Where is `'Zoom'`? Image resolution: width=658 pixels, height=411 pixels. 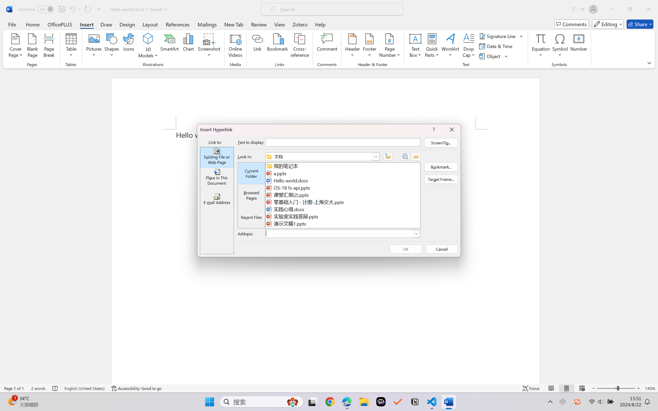 'Zoom' is located at coordinates (616, 388).